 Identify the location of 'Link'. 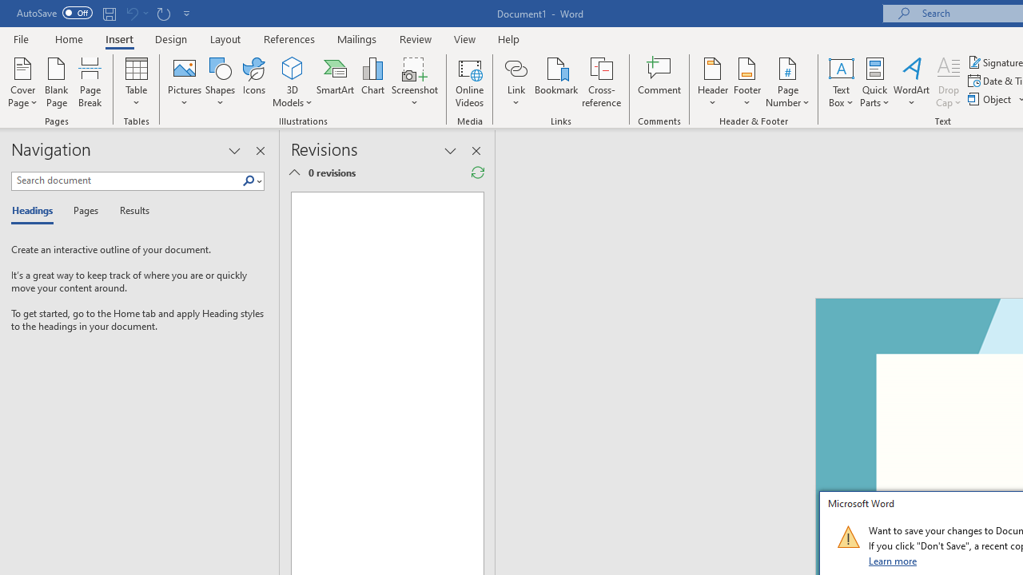
(515, 67).